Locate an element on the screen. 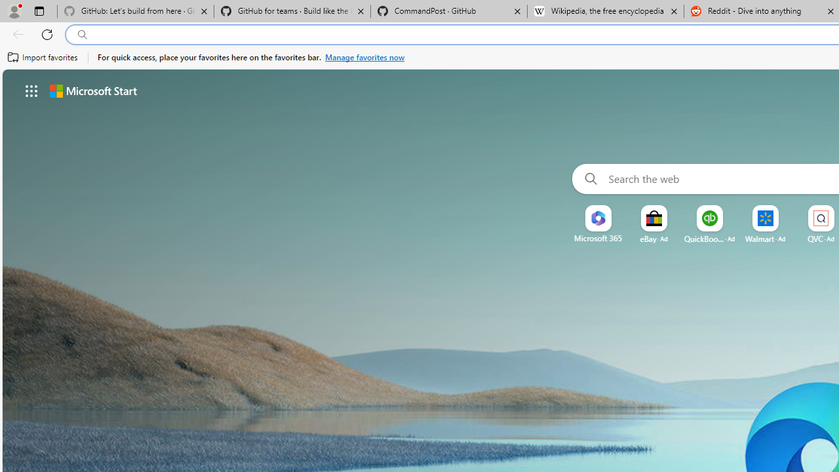 The image size is (839, 472). 'Import favorites' is located at coordinates (43, 57).